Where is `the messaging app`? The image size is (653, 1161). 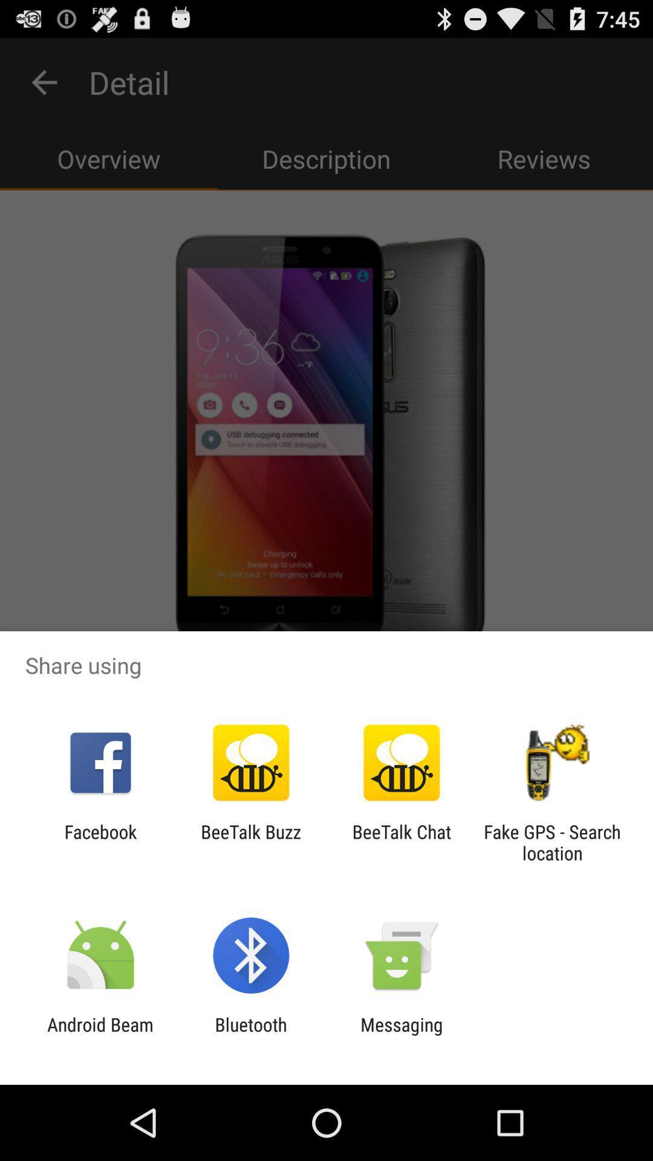
the messaging app is located at coordinates (401, 1035).